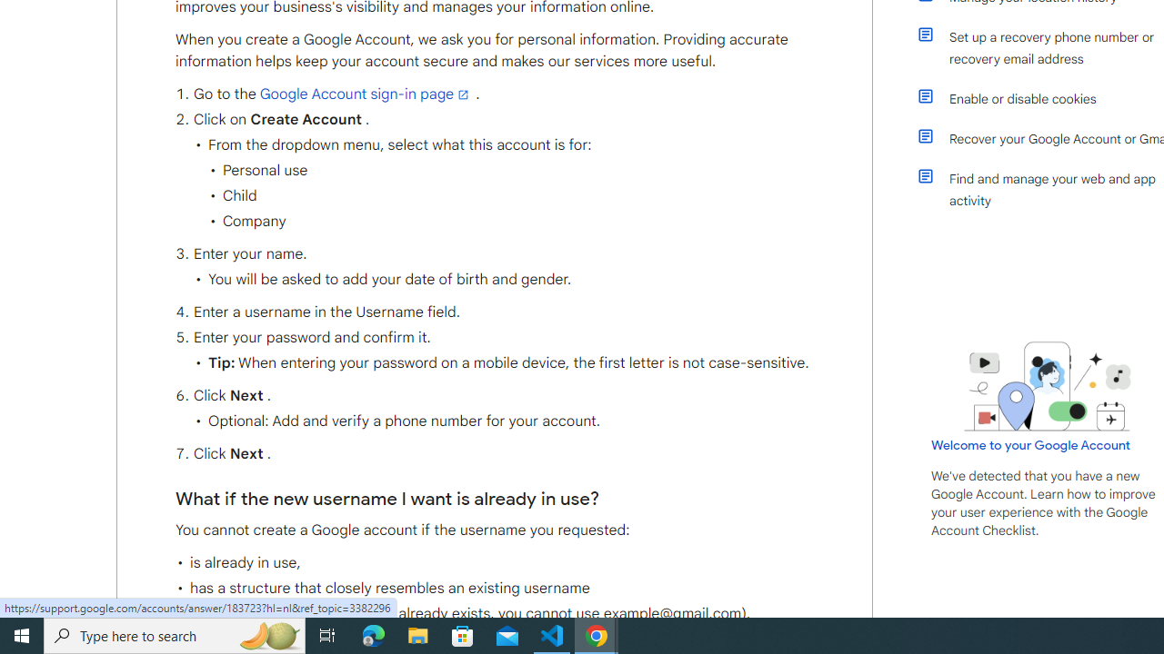 This screenshot has width=1164, height=654. Describe the element at coordinates (1031, 444) in the screenshot. I see `'Welcome to your Google Account'` at that location.